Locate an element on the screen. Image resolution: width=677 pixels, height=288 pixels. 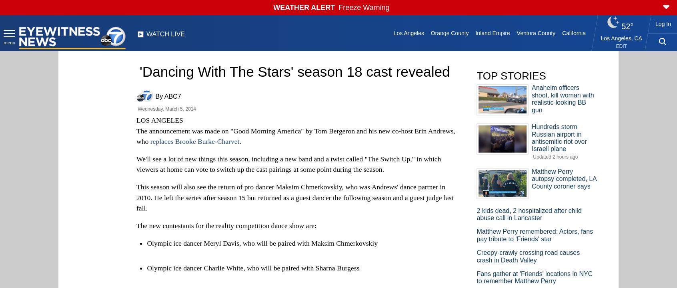
'EDIT' is located at coordinates (621, 46).